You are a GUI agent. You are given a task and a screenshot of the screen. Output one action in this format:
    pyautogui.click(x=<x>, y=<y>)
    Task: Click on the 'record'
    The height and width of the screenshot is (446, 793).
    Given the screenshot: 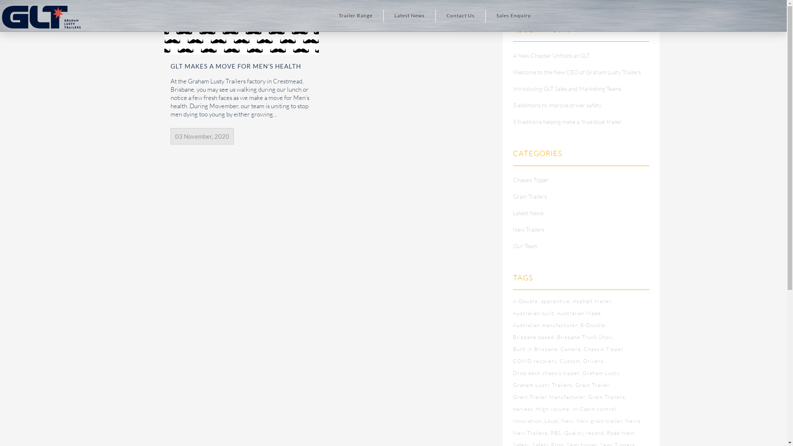 What is the action you would take?
    pyautogui.click(x=596, y=432)
    